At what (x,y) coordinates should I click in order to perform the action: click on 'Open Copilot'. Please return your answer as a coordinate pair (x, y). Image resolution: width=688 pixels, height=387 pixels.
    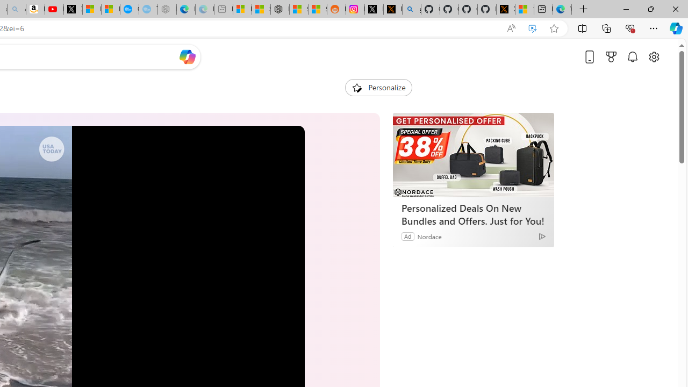
    Looking at the image, I should click on (187, 56).